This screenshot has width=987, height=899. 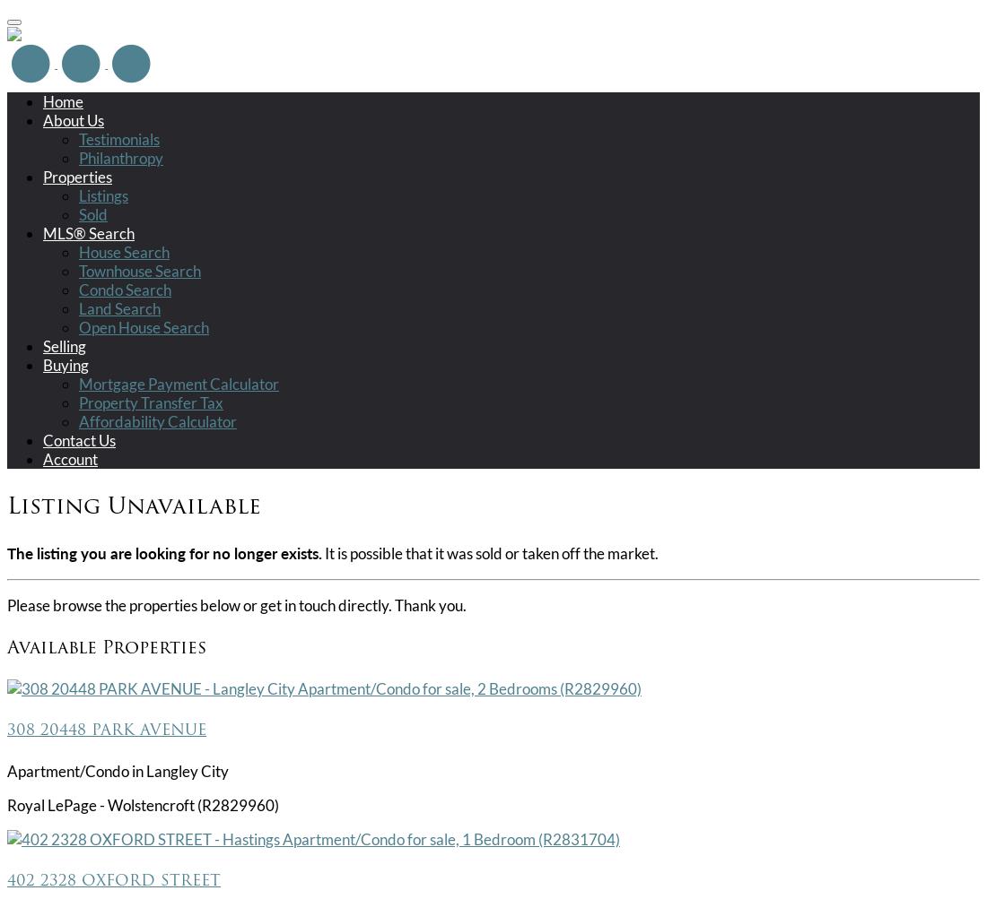 What do you see at coordinates (143, 325) in the screenshot?
I see `'Open House Search'` at bounding box center [143, 325].